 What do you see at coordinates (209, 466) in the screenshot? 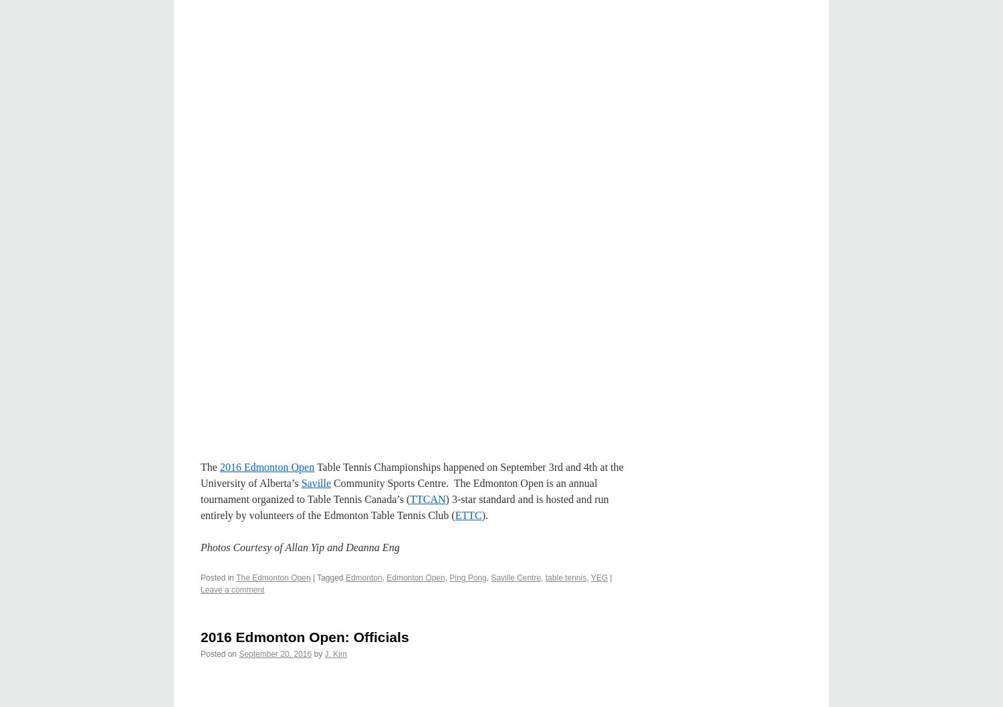
I see `'The'` at bounding box center [209, 466].